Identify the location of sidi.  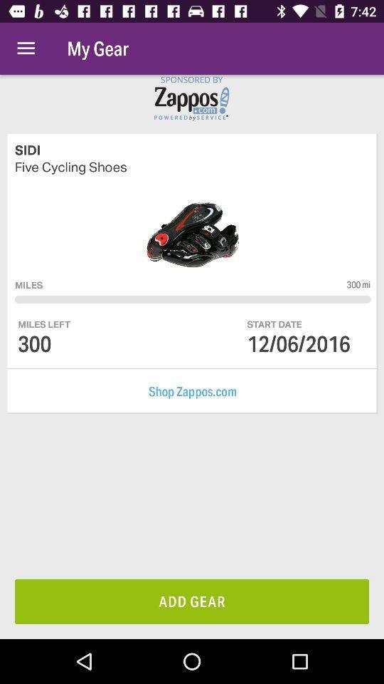
(192, 150).